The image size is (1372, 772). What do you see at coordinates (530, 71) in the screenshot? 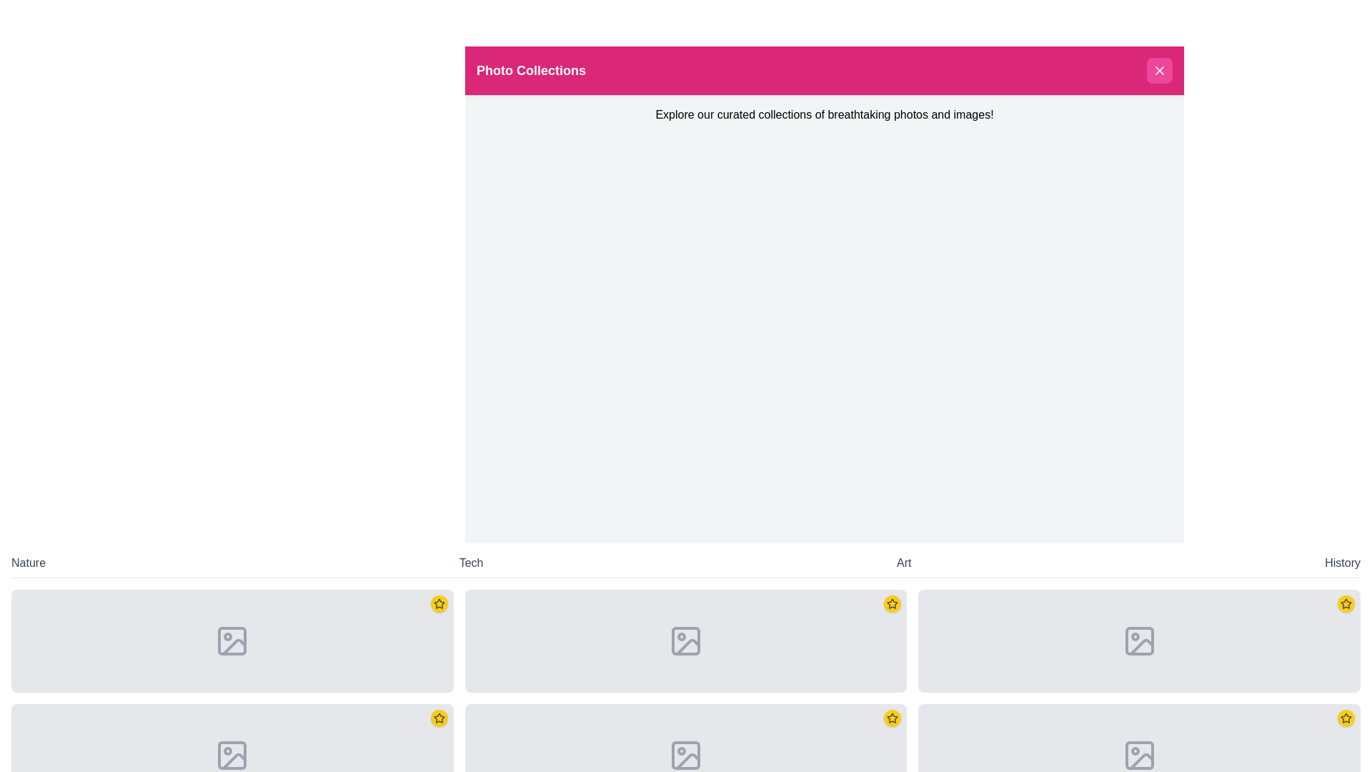
I see `the header text label element that introduces the content area labeled 'Photo Collections', located in the top left section of the pink header` at bounding box center [530, 71].